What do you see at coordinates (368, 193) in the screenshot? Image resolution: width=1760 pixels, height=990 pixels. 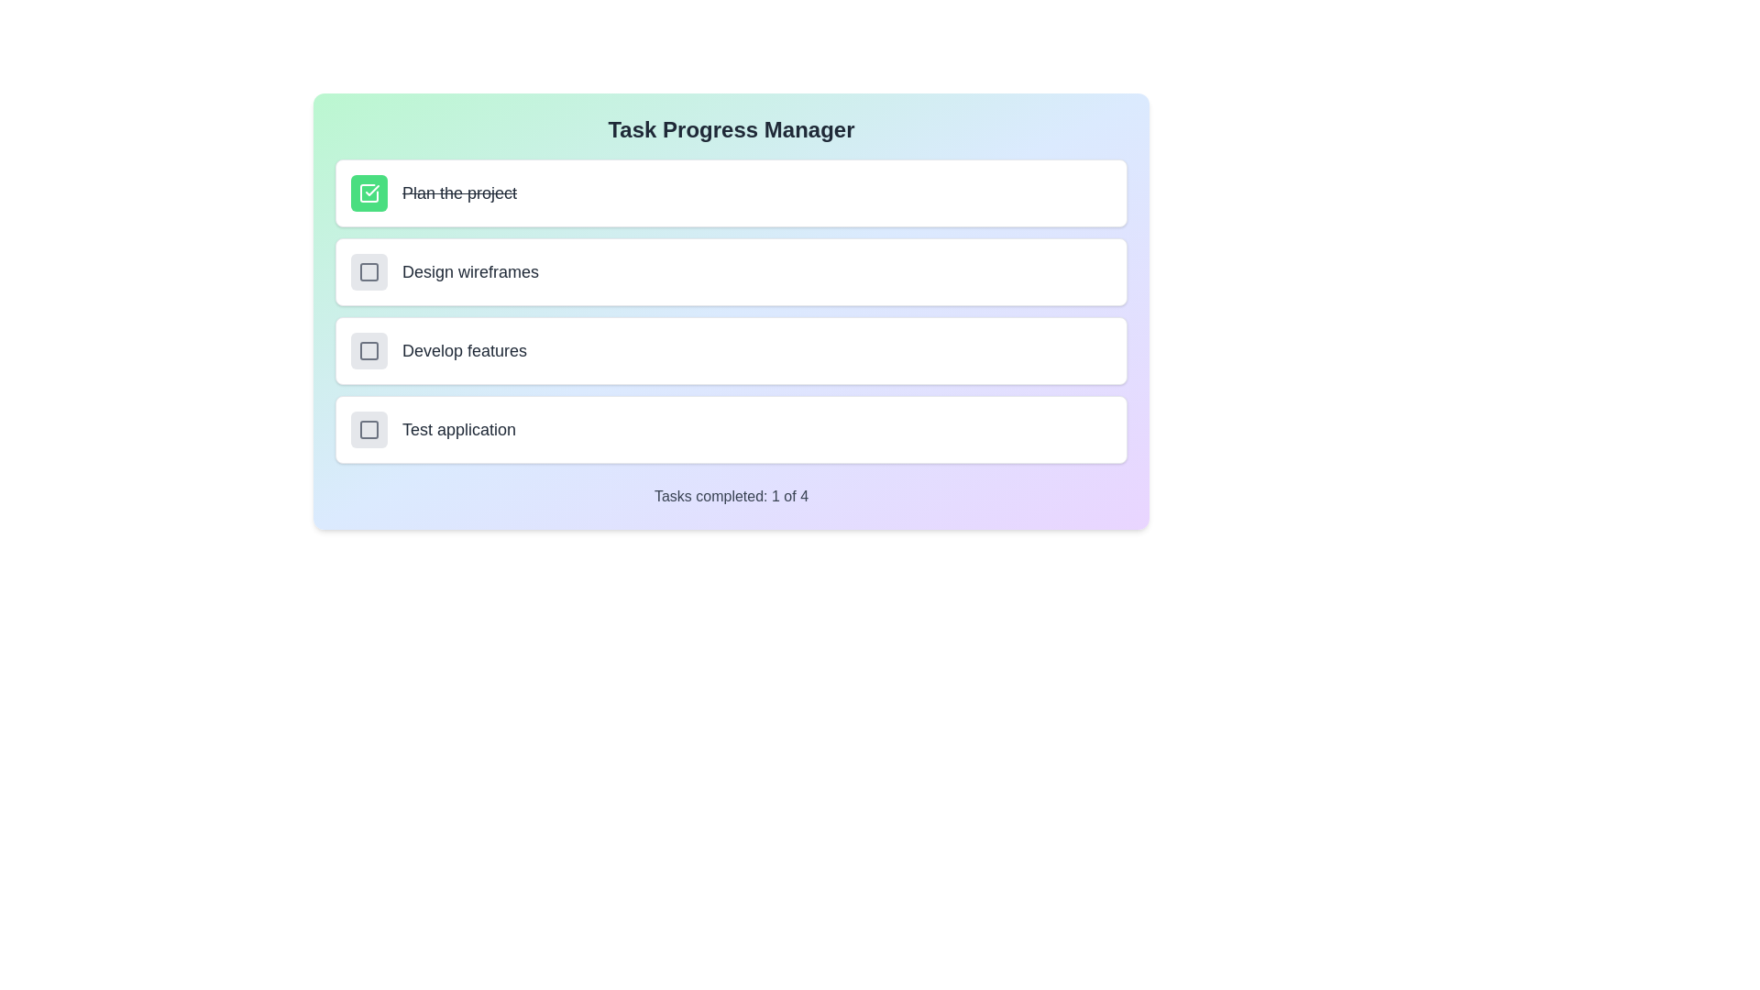 I see `the graphical background square of the checkbox for the 'Plan the project' task, which is part of an SVG icon` at bounding box center [368, 193].